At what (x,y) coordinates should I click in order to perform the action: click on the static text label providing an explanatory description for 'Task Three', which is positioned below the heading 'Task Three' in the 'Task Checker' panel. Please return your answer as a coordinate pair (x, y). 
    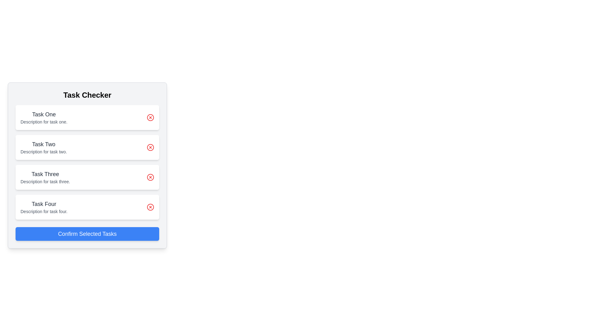
    Looking at the image, I should click on (45, 181).